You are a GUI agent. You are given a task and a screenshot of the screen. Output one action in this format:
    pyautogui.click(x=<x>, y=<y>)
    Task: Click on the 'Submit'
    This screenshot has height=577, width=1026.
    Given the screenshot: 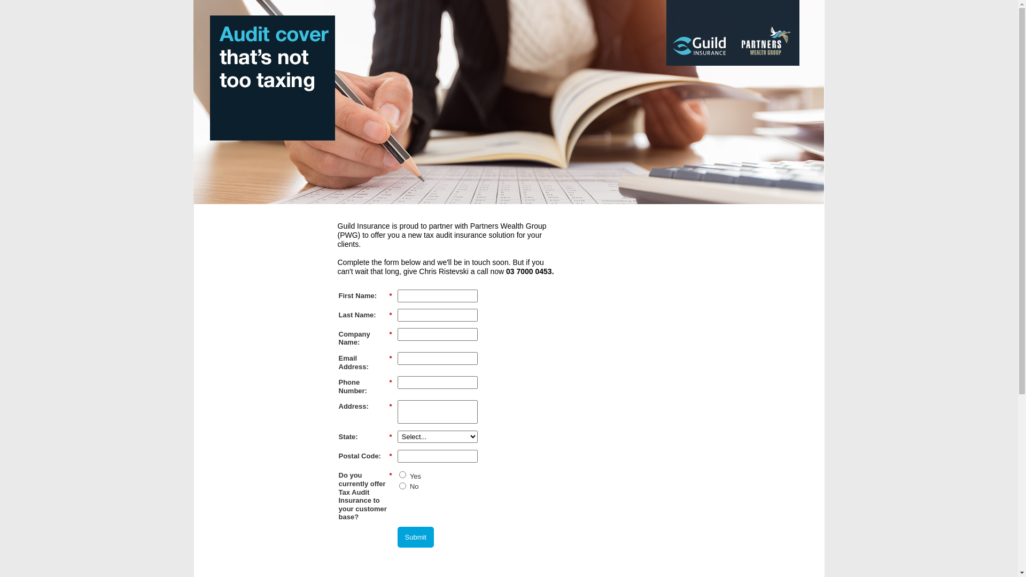 What is the action you would take?
    pyautogui.click(x=415, y=537)
    